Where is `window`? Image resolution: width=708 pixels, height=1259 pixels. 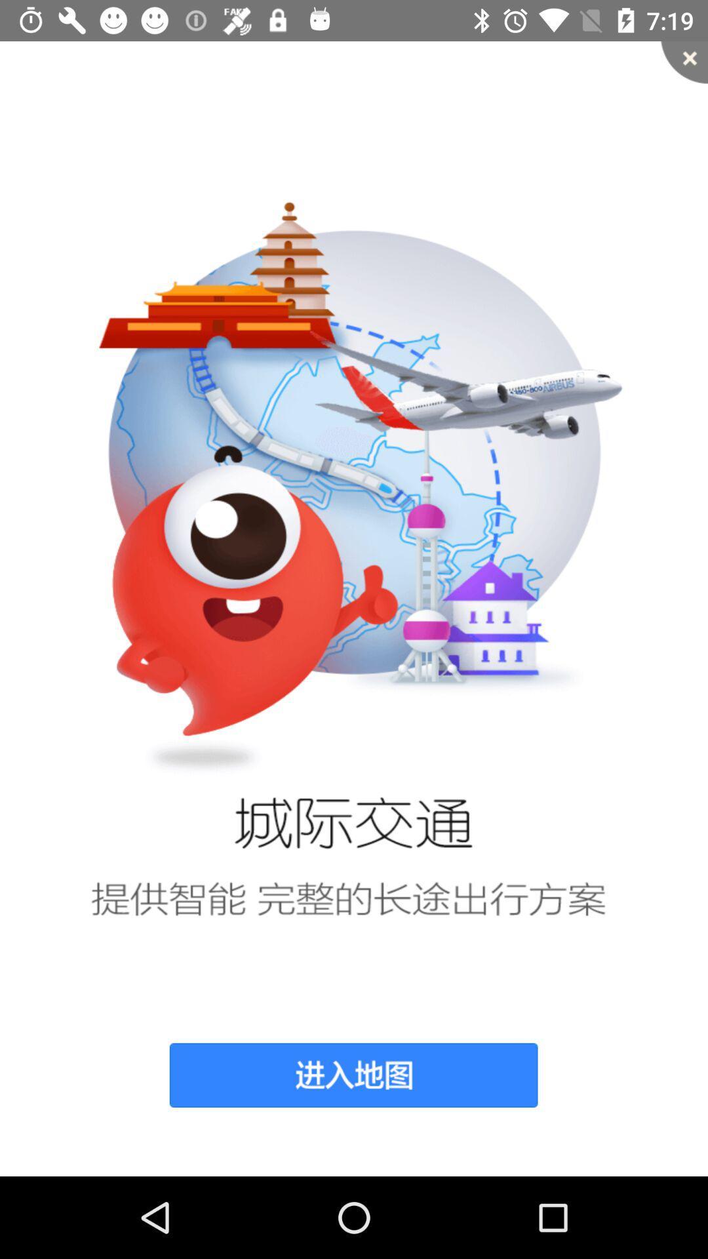 window is located at coordinates (684, 62).